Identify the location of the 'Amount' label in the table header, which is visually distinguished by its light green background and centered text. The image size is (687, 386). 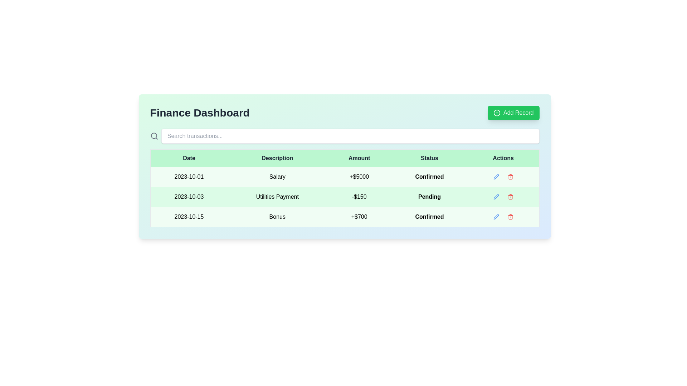
(359, 158).